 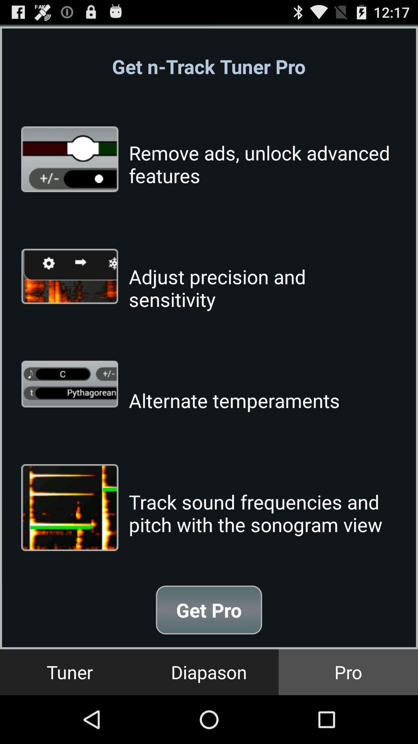 I want to click on button next to pro item, so click(x=209, y=672).